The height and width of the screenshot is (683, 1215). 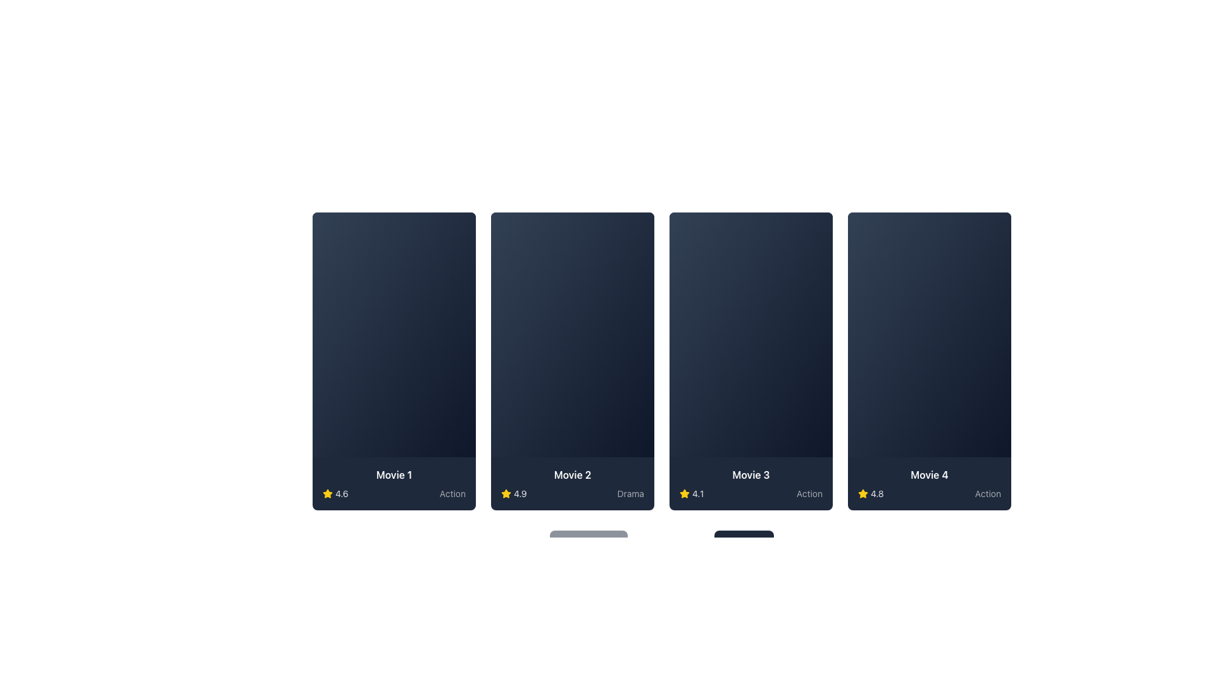 What do you see at coordinates (566, 543) in the screenshot?
I see `the chevron icon located to the left of the 'Previous' text in the navigation button at the bottom of the interface to observe any hover effects` at bounding box center [566, 543].